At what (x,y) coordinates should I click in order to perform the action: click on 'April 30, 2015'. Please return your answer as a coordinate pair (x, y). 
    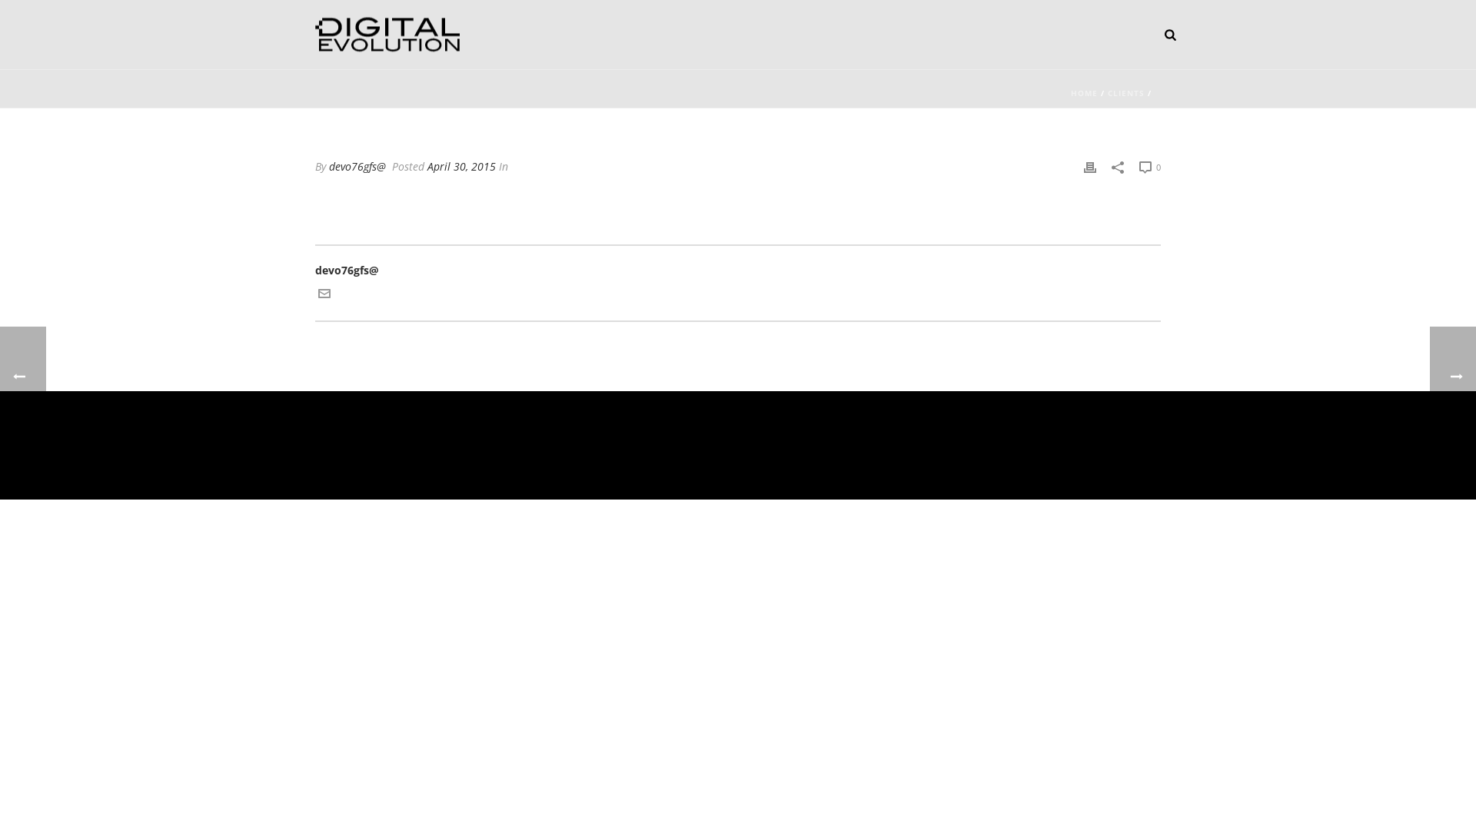
    Looking at the image, I should click on (460, 166).